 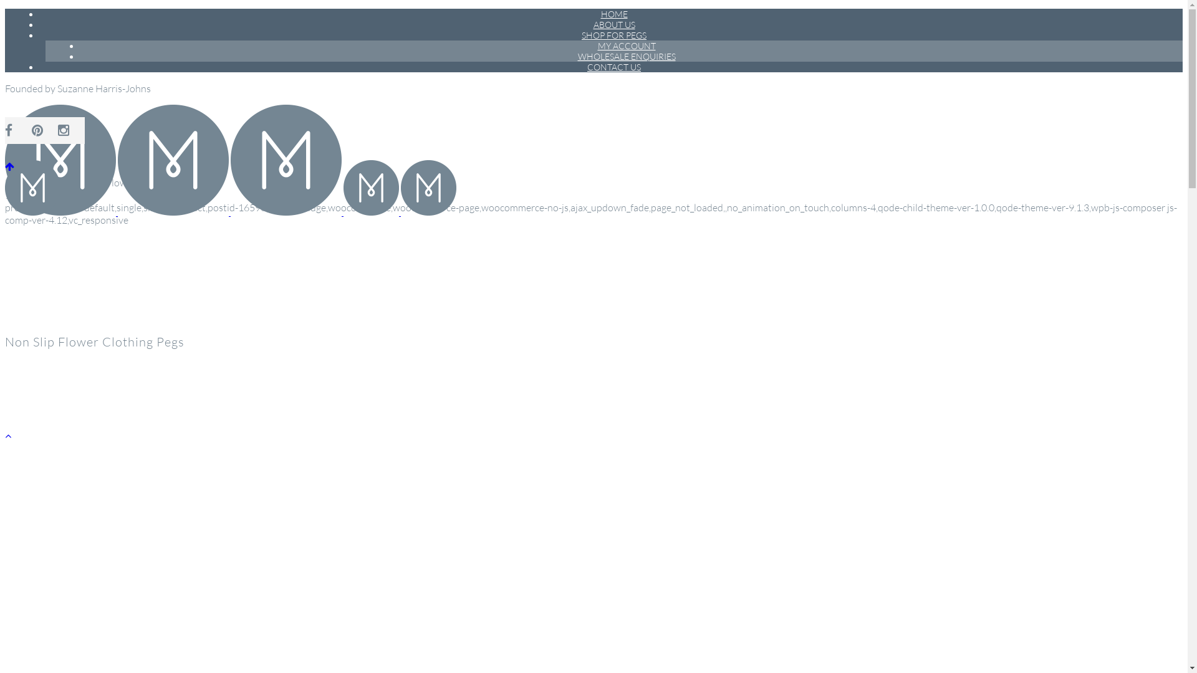 What do you see at coordinates (613, 34) in the screenshot?
I see `'SHOP FOR PEGS'` at bounding box center [613, 34].